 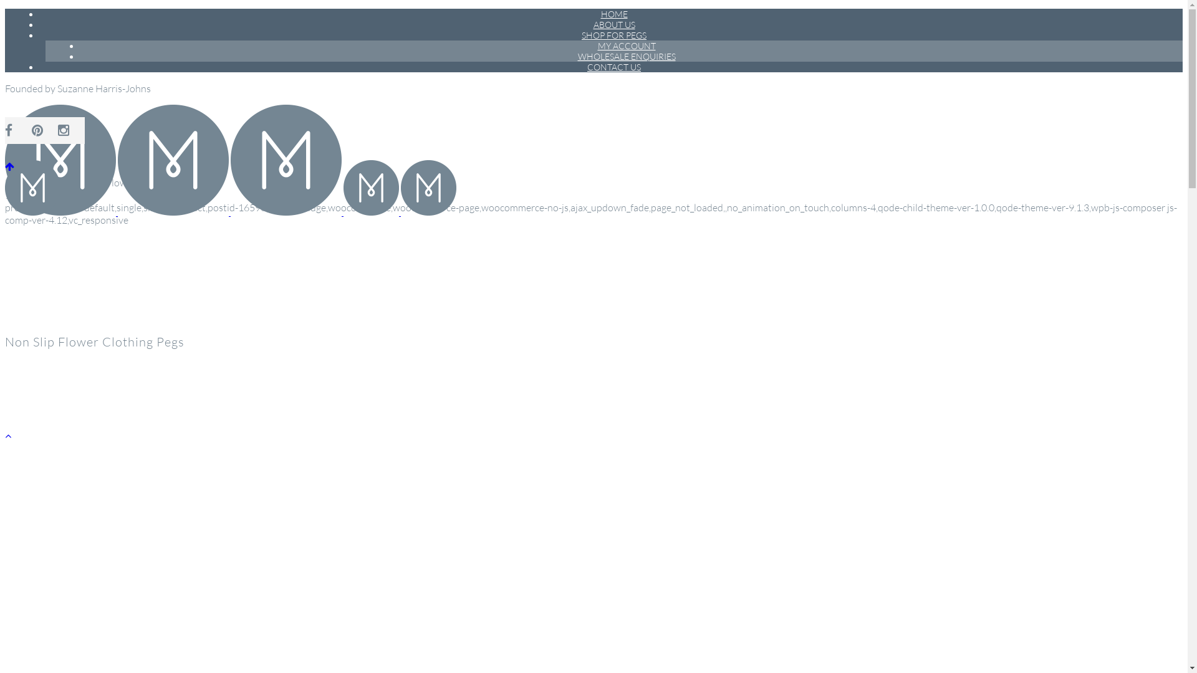 What do you see at coordinates (613, 34) in the screenshot?
I see `'SHOP FOR PEGS'` at bounding box center [613, 34].